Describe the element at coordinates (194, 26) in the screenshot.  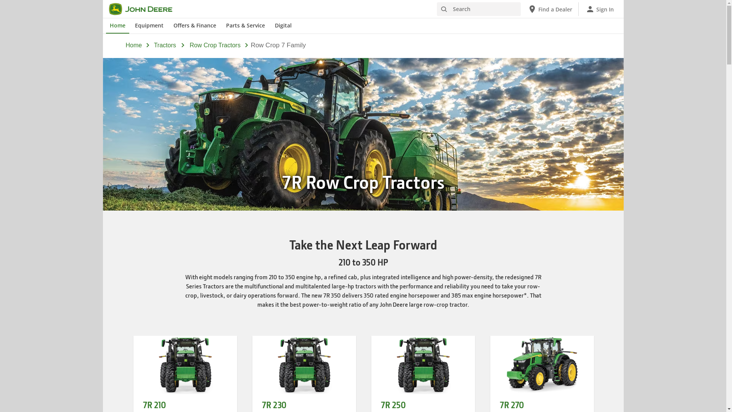
I see `'Offers & Finance'` at that location.